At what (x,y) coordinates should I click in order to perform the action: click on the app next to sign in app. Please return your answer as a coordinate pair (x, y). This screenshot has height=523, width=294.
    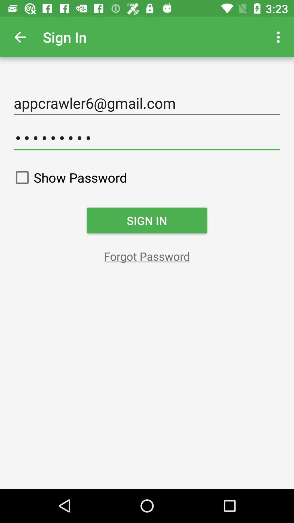
    Looking at the image, I should click on (280, 37).